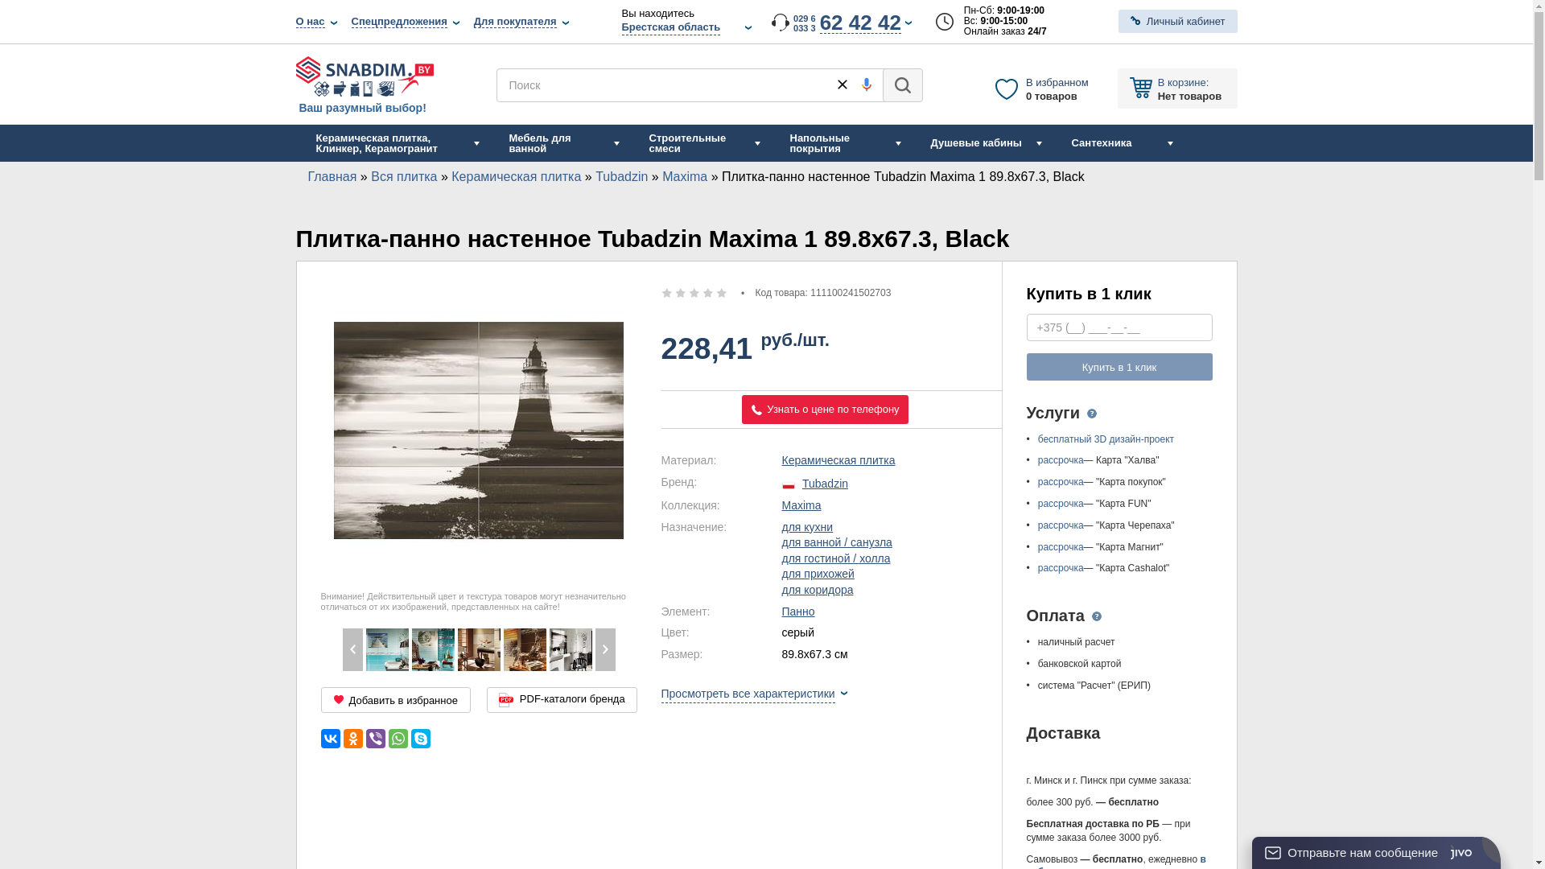 This screenshot has width=1545, height=869. What do you see at coordinates (477, 649) in the screenshot?
I see `'Maxima'` at bounding box center [477, 649].